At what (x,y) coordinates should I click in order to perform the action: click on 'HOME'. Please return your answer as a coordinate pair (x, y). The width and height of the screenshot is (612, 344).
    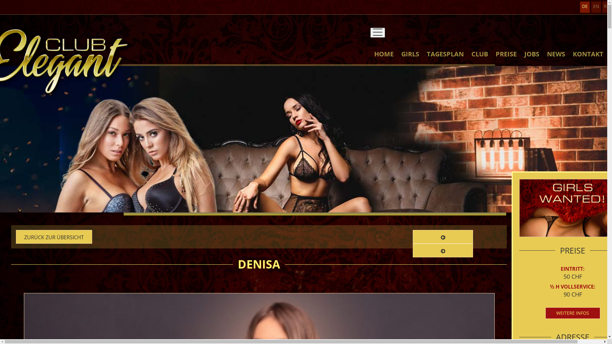
    Looking at the image, I should click on (383, 60).